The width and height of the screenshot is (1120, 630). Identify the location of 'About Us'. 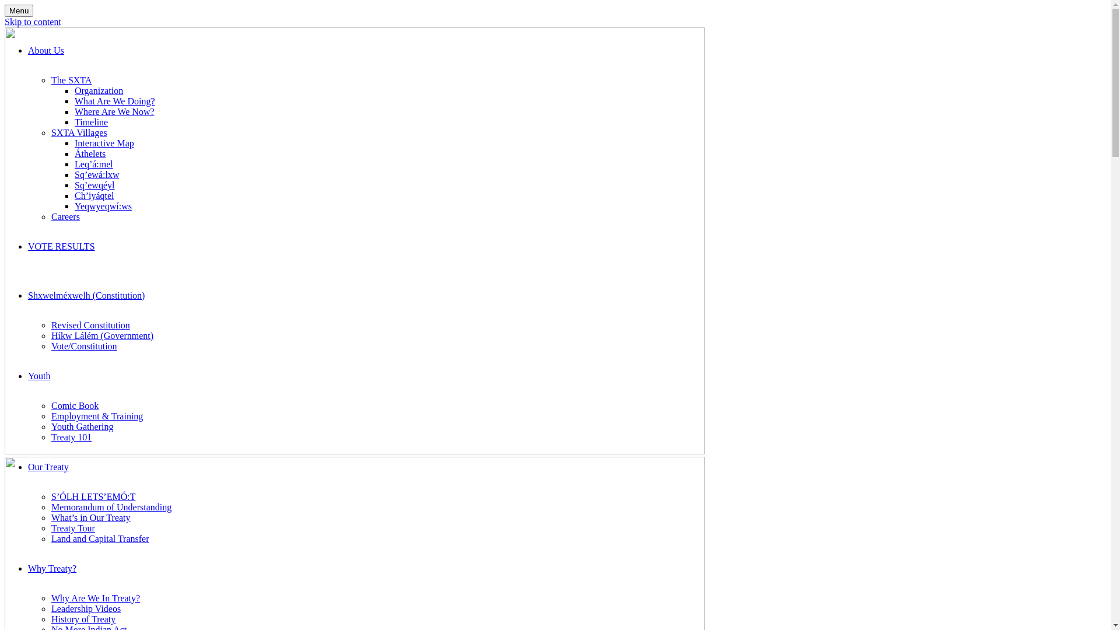
(45, 50).